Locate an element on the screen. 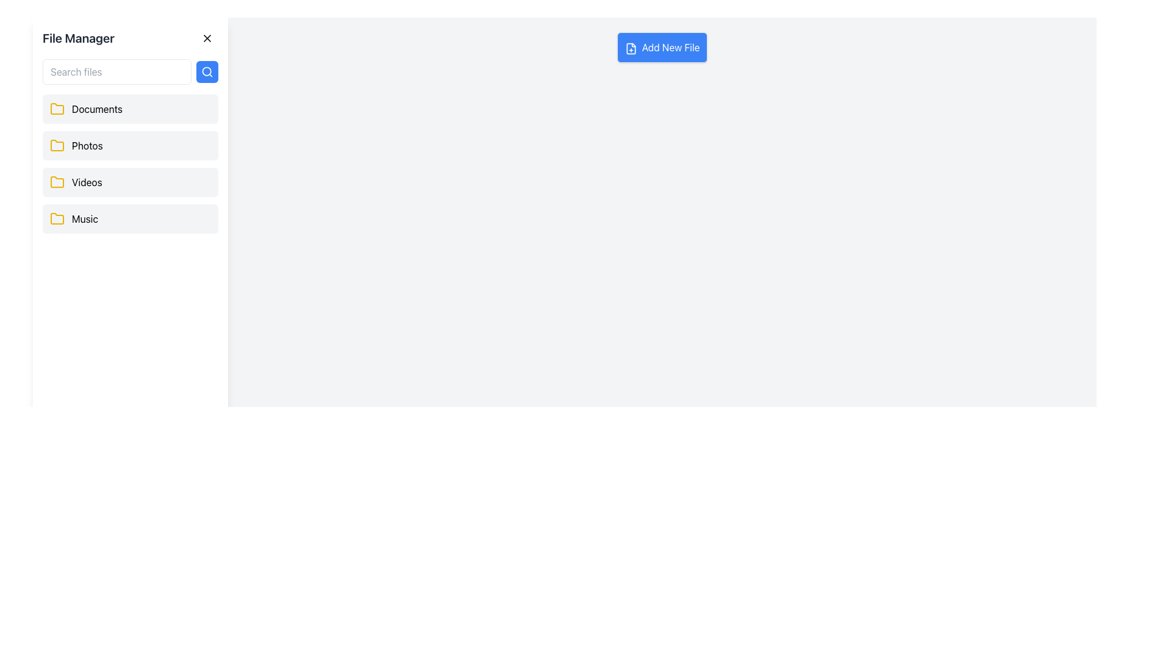 The width and height of the screenshot is (1171, 659). the document icon with a plus symbol, which is styled with a blue background and is located to the left of the 'Add New File' button text, to interact with the button is located at coordinates (630, 47).